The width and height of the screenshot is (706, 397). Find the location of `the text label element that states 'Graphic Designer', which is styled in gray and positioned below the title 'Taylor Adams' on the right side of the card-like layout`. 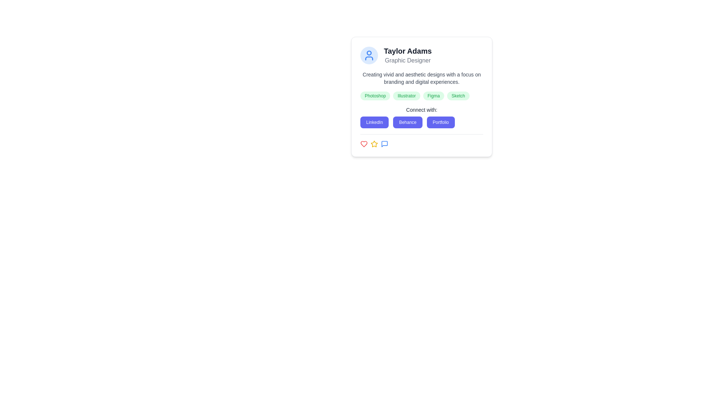

the text label element that states 'Graphic Designer', which is styled in gray and positioned below the title 'Taylor Adams' on the right side of the card-like layout is located at coordinates (407, 60).